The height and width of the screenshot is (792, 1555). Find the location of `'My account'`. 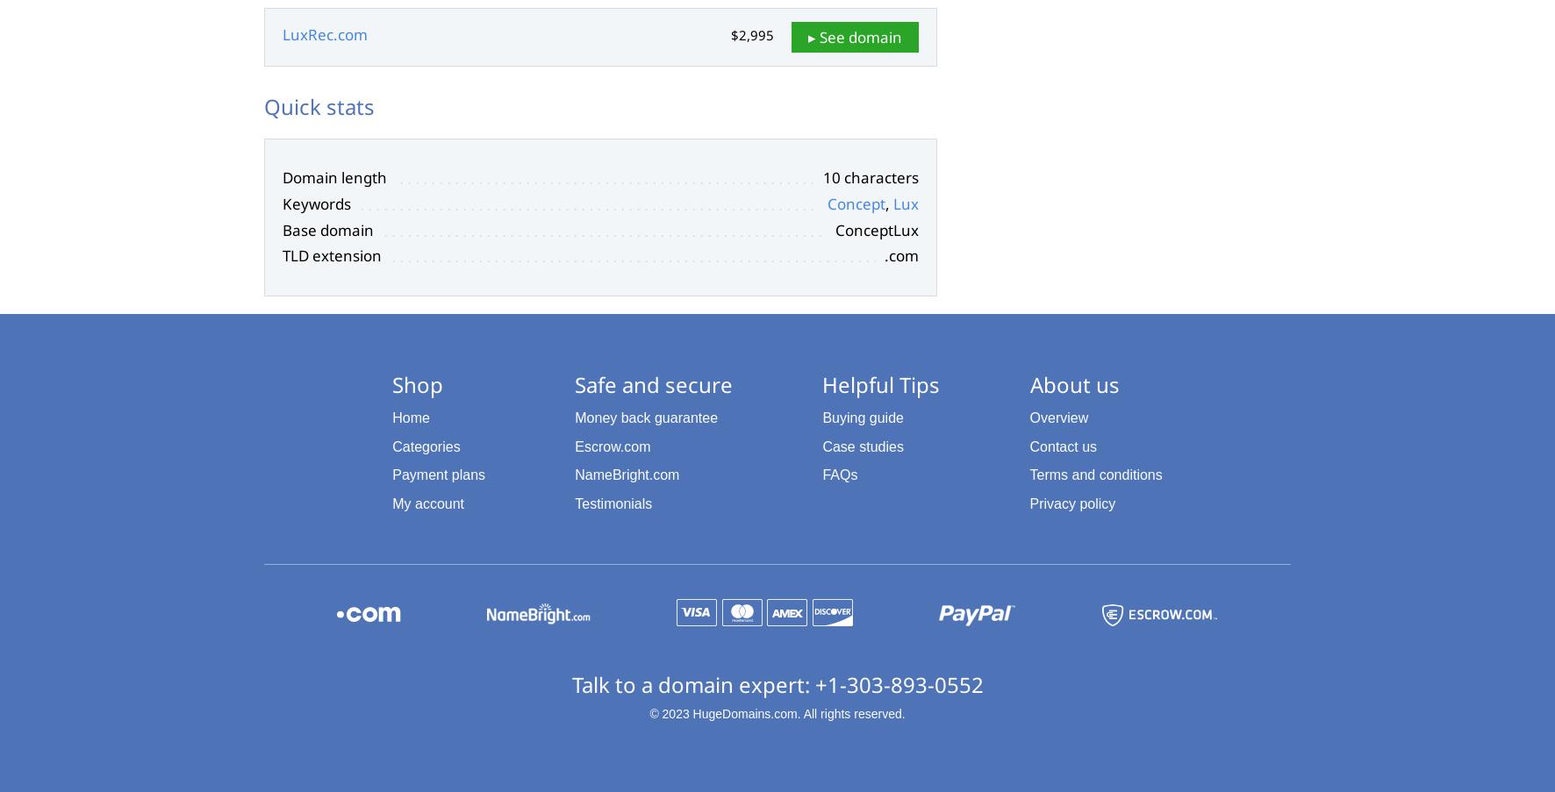

'My account' is located at coordinates (427, 503).